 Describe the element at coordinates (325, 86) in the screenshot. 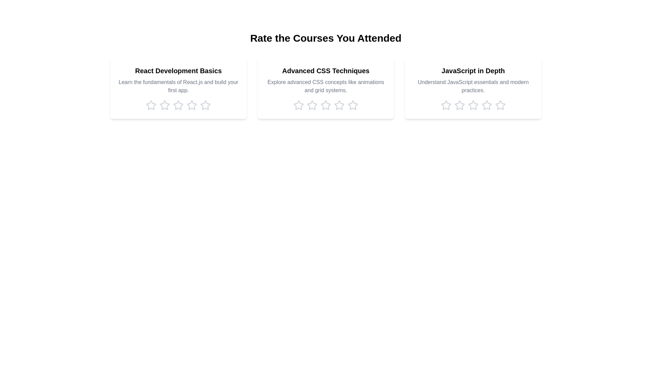

I see `the description of the course titled 'Advanced CSS Techniques'` at that location.